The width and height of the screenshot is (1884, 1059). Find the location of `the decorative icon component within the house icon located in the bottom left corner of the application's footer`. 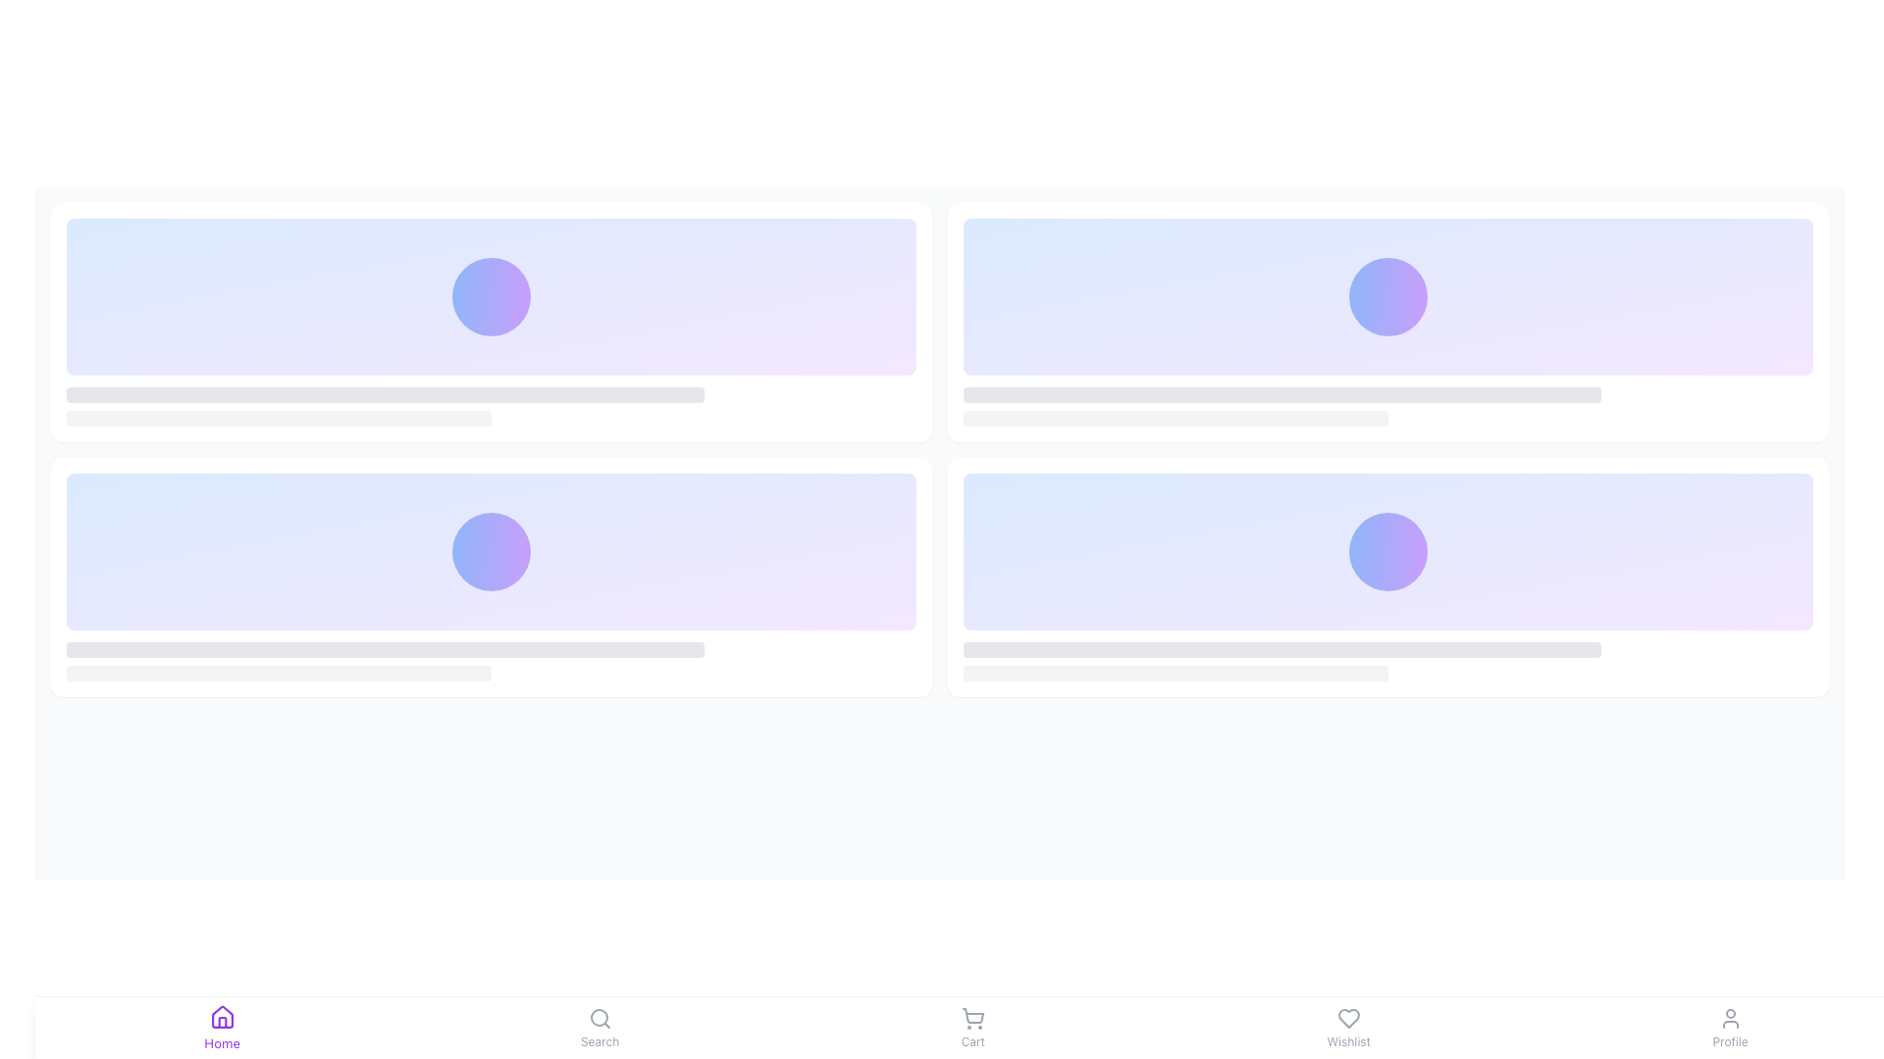

the decorative icon component within the house icon located in the bottom left corner of the application's footer is located at coordinates (222, 1021).